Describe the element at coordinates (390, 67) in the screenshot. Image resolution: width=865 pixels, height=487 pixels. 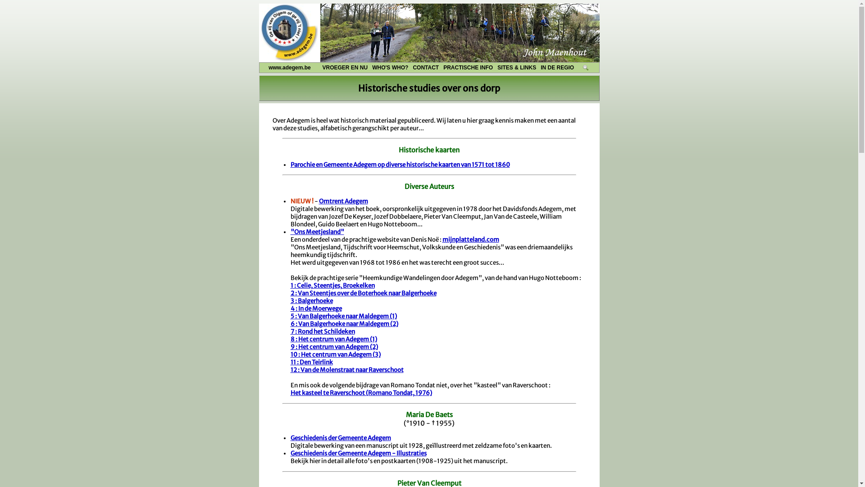
I see `'WHO'S WHO?'` at that location.